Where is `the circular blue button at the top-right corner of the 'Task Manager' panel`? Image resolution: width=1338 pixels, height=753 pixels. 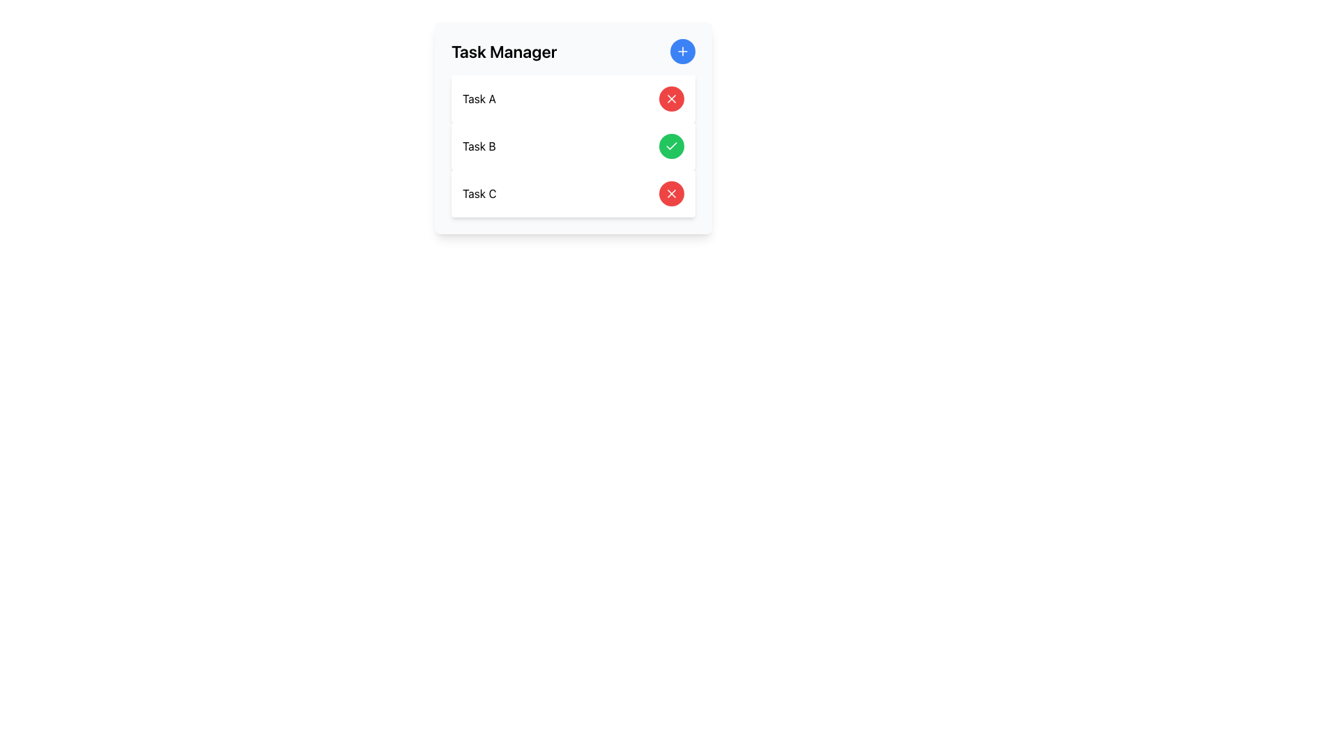 the circular blue button at the top-right corner of the 'Task Manager' panel is located at coordinates (682, 50).